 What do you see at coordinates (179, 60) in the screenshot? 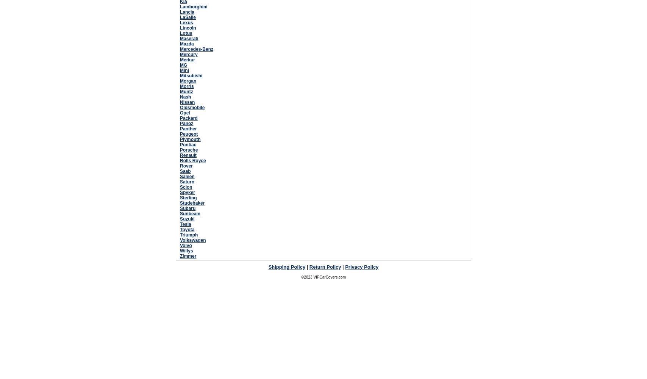
I see `'Merkur'` at bounding box center [179, 60].